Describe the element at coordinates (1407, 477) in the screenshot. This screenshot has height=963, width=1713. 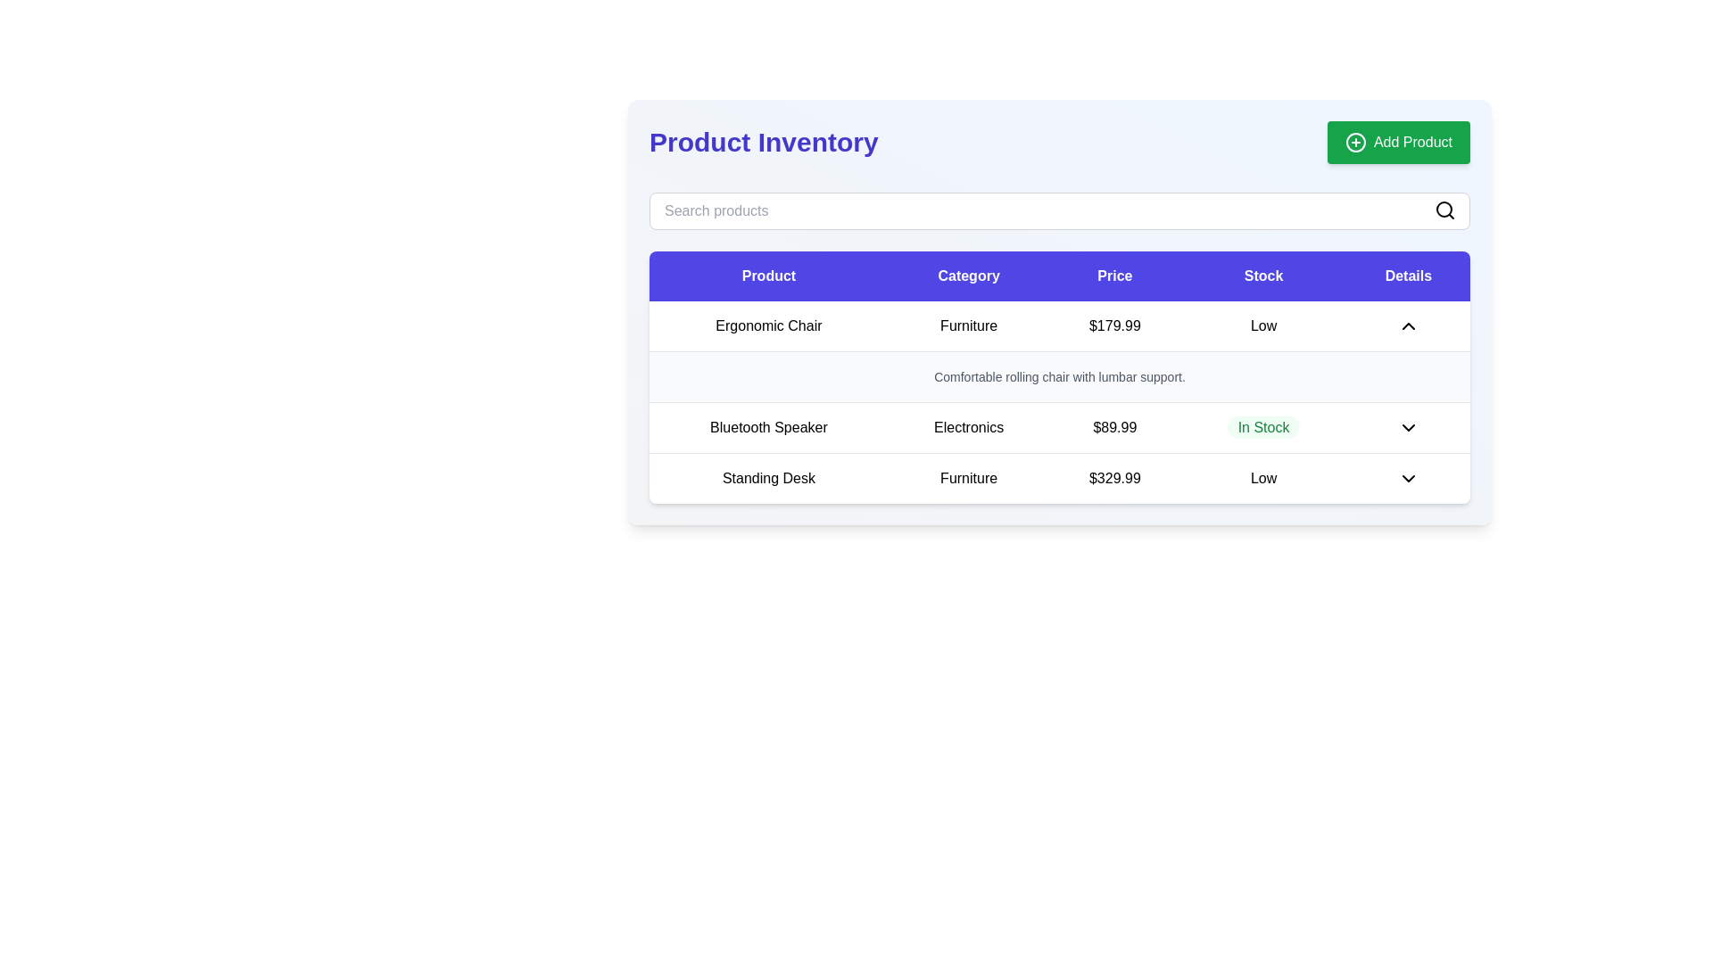
I see `the dropdown toggle icon for the 'Standing Desk' product` at that location.